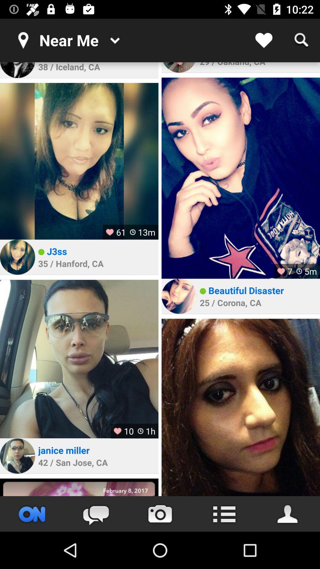 This screenshot has height=569, width=320. I want to click on switch menu option, so click(224, 514).